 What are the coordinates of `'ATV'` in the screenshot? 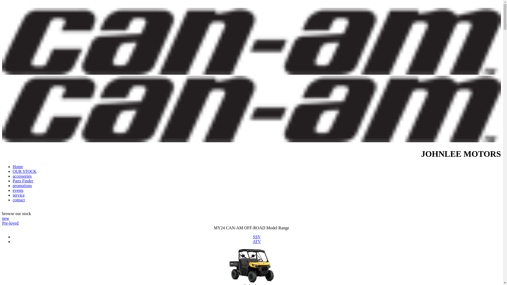 It's located at (257, 241).